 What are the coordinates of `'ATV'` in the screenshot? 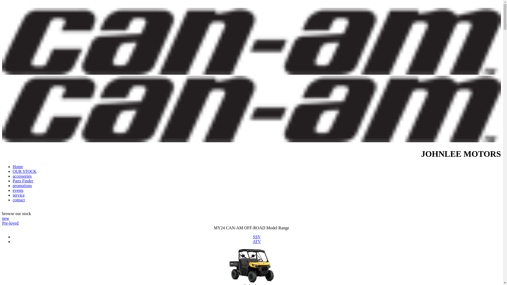 It's located at (257, 241).